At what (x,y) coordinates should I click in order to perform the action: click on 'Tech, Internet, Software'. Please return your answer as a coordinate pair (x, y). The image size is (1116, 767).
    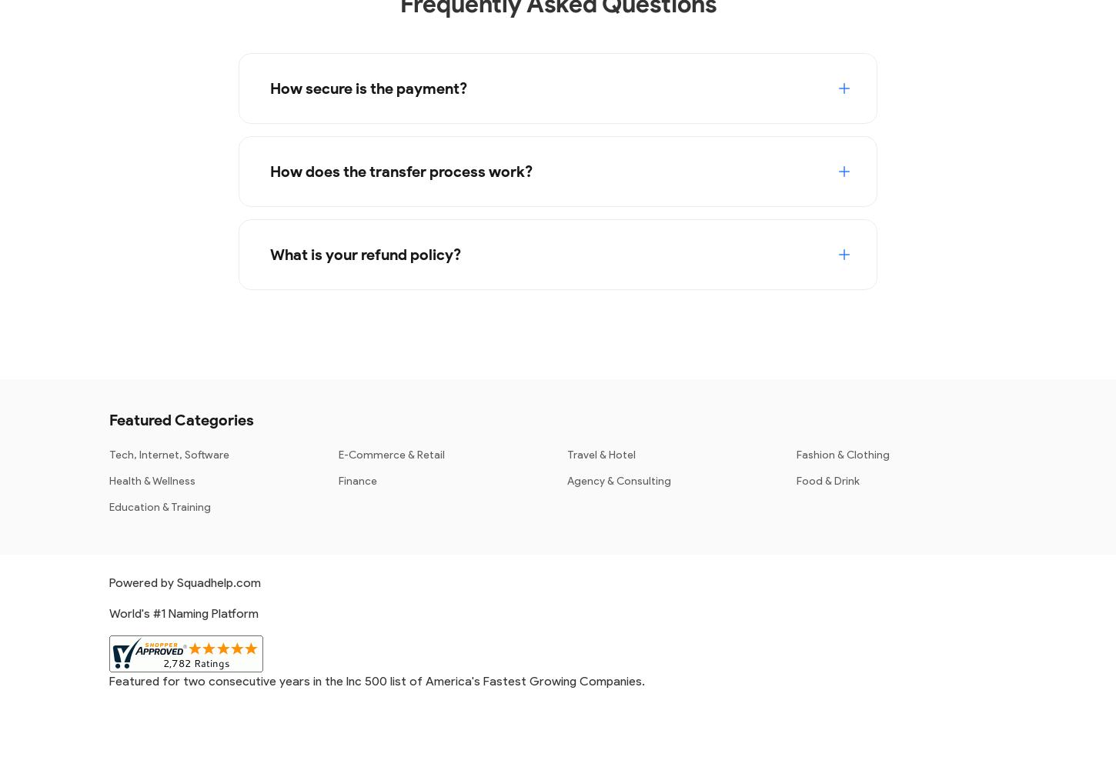
    Looking at the image, I should click on (168, 453).